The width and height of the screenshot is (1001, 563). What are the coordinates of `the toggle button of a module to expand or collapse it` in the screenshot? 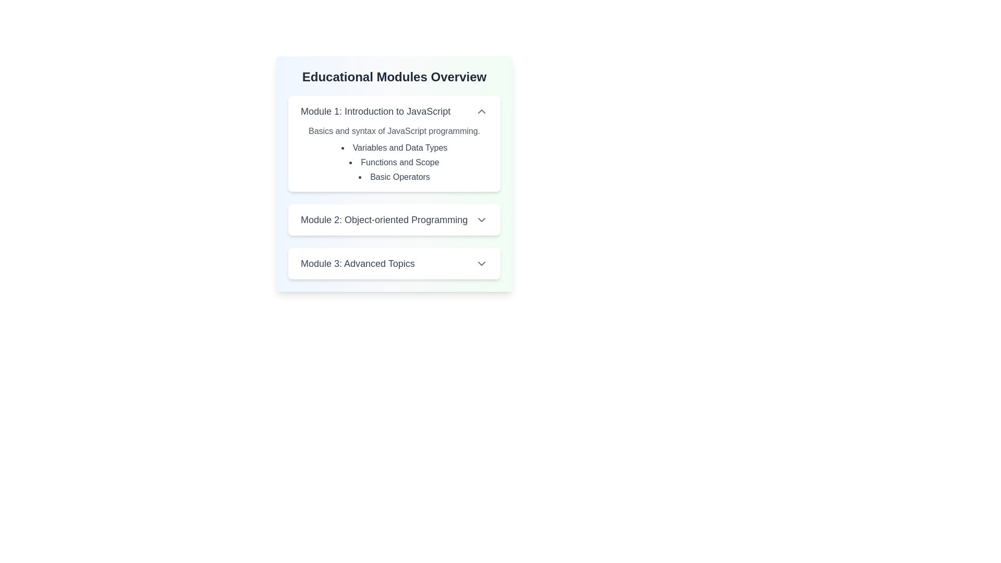 It's located at (481, 111).